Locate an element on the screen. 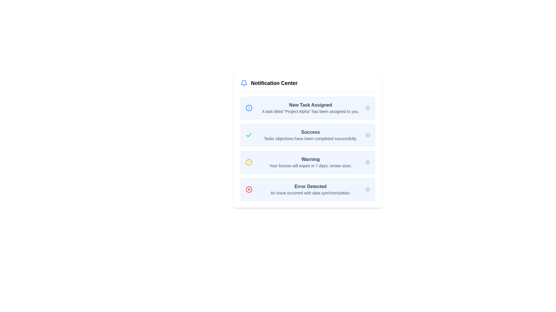 This screenshot has height=312, width=556. the blue circular information icon located in the topmost notification box is located at coordinates (249, 108).